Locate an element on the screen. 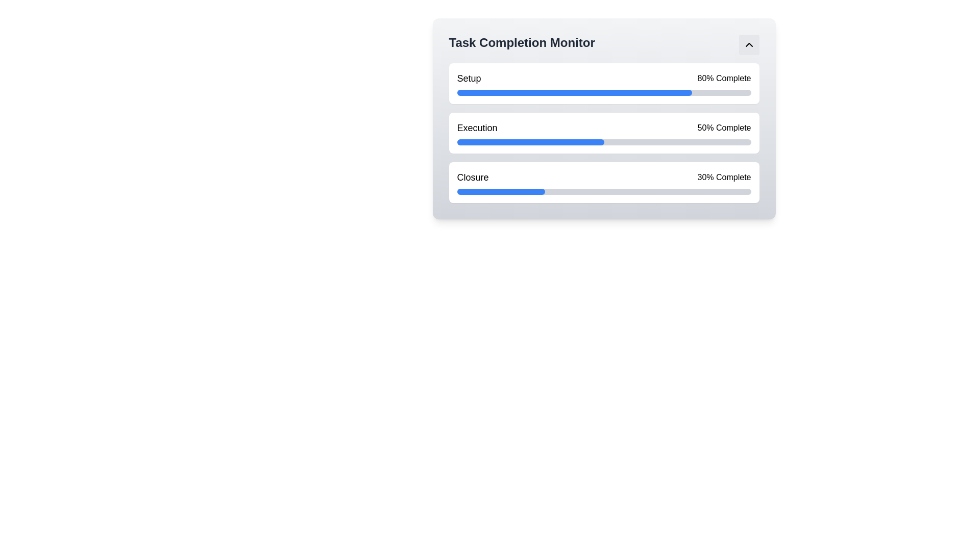  the Text label displaying the percentage of completion for the 'Execution' task, positioned to the right of the progress bar for 'Execution' is located at coordinates (724, 127).